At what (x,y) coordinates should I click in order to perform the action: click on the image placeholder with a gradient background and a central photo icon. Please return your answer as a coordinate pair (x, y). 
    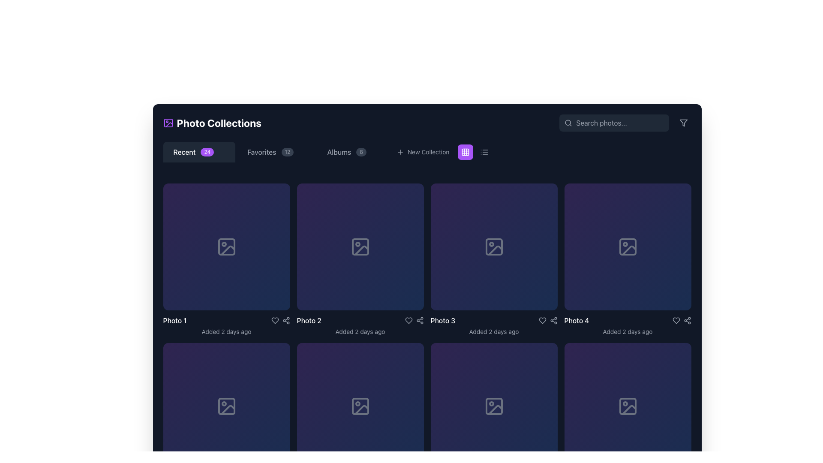
    Looking at the image, I should click on (628, 247).